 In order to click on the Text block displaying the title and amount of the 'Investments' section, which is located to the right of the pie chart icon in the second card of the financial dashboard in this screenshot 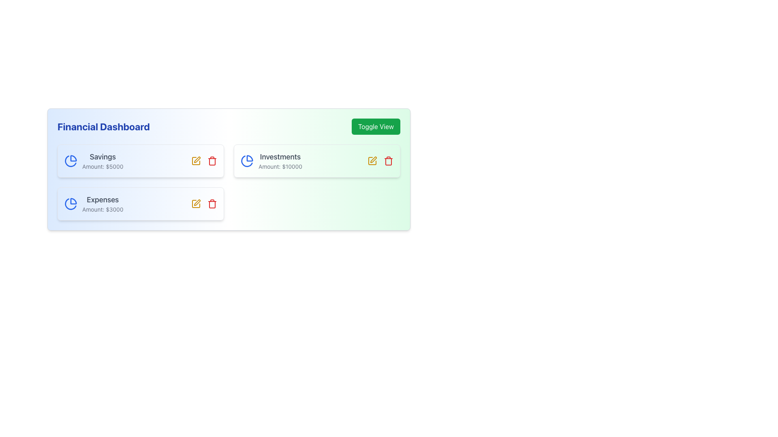, I will do `click(280, 161)`.